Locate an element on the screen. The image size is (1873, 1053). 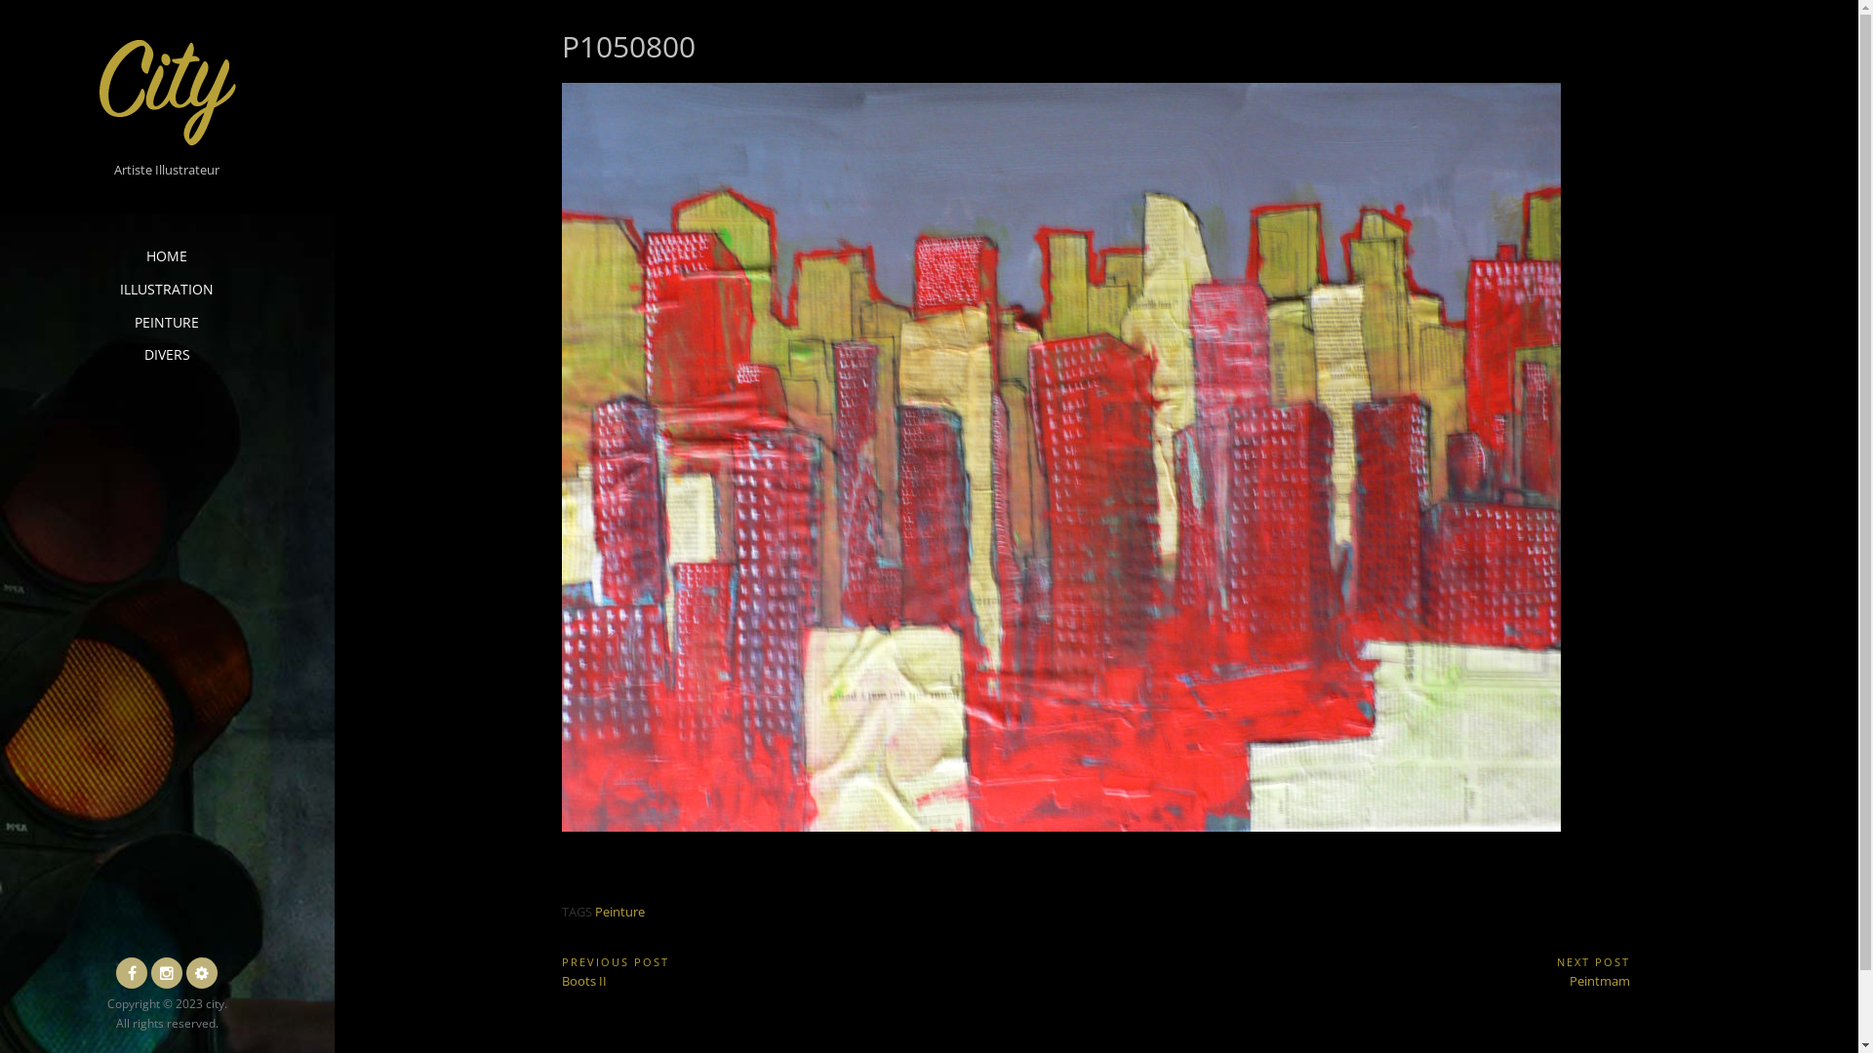
'PEINTURE' is located at coordinates (167, 322).